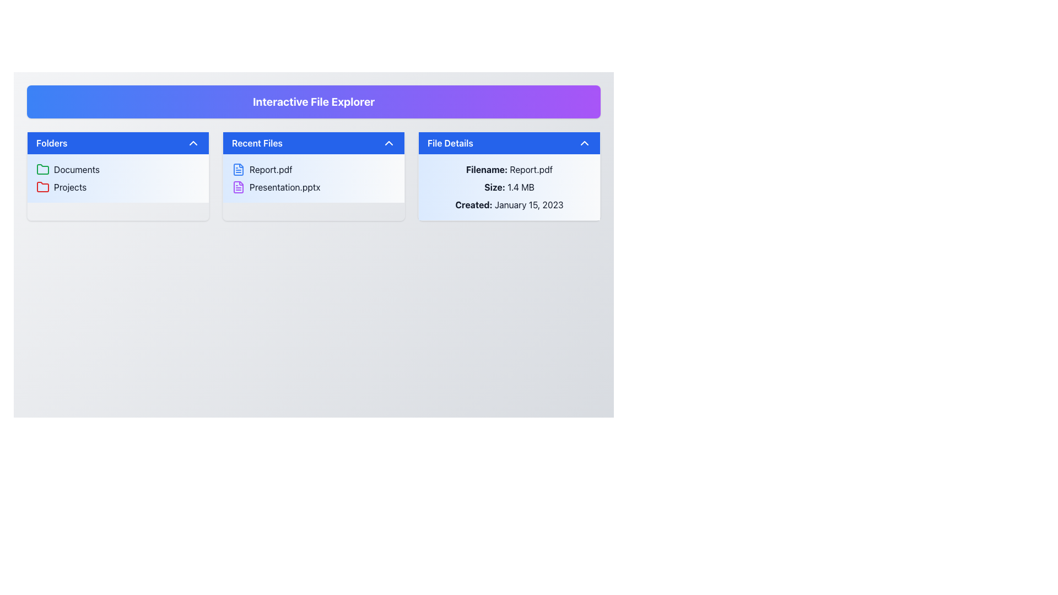 The height and width of the screenshot is (595, 1058). I want to click on the informational Text Label displaying the size of the currently selected file, which reads '1.4 MB', located in the 'File Details' panel between 'Filename: Report.pdf' and 'Created: January 15, 2023', so click(509, 186).